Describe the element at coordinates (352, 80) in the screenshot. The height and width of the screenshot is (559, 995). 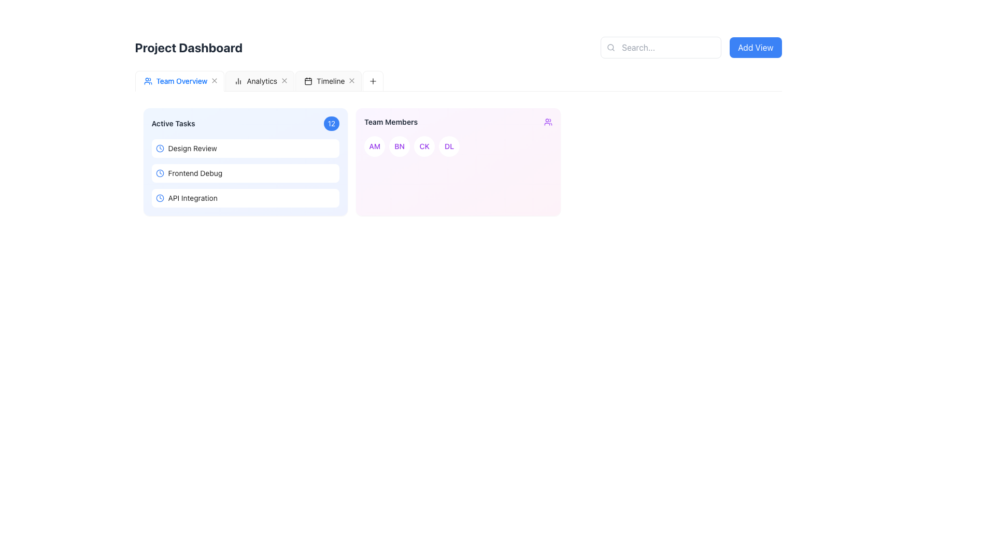
I see `the close or cancel button represented by a segment of an 'X' shape in the top navigation bar, located to the right of the 'Timeline' tab indicator` at that location.